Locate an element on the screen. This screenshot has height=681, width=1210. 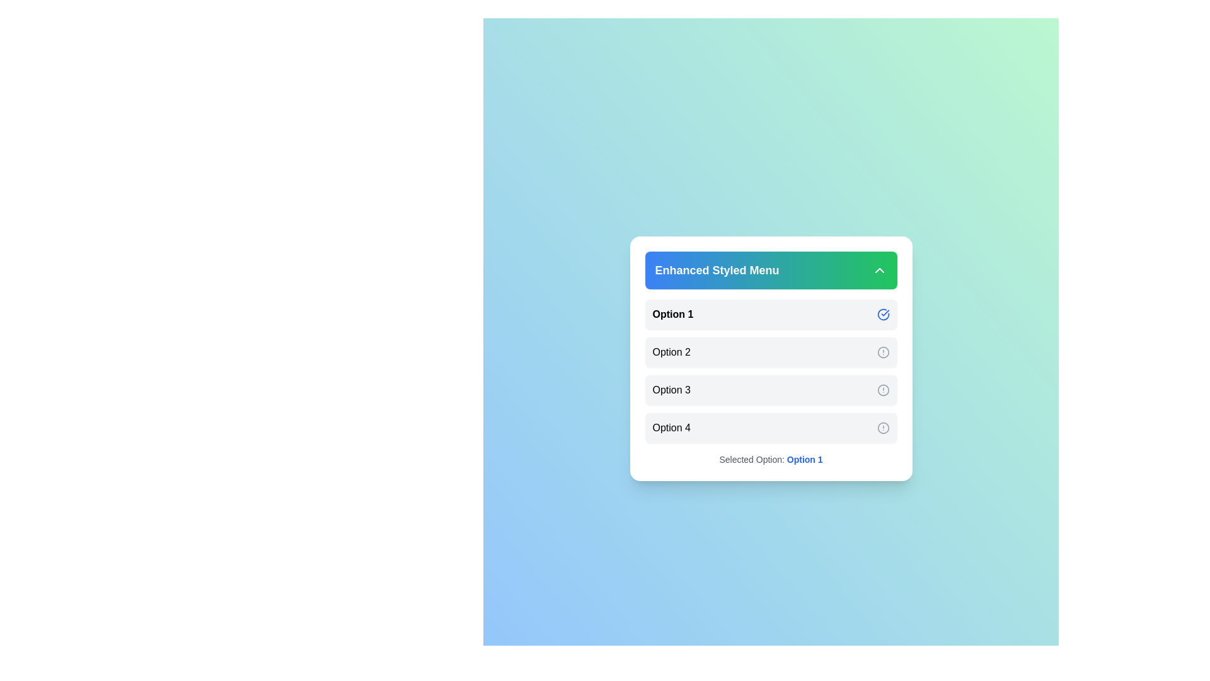
the menu option Option 3 by clicking on it is located at coordinates (770, 389).